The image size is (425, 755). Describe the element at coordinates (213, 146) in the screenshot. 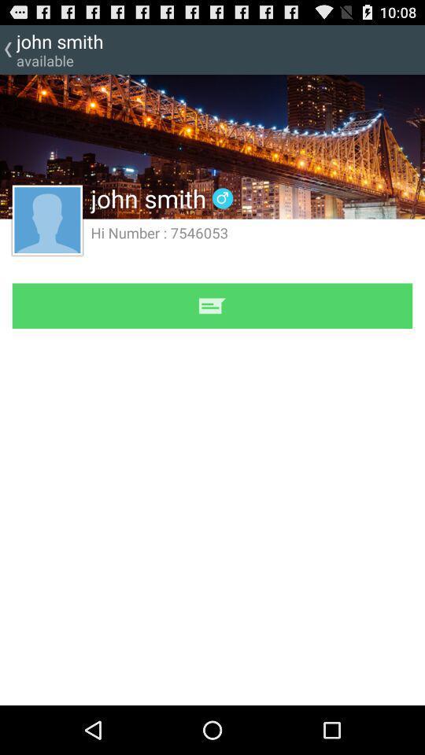

I see `the icon below the available item` at that location.